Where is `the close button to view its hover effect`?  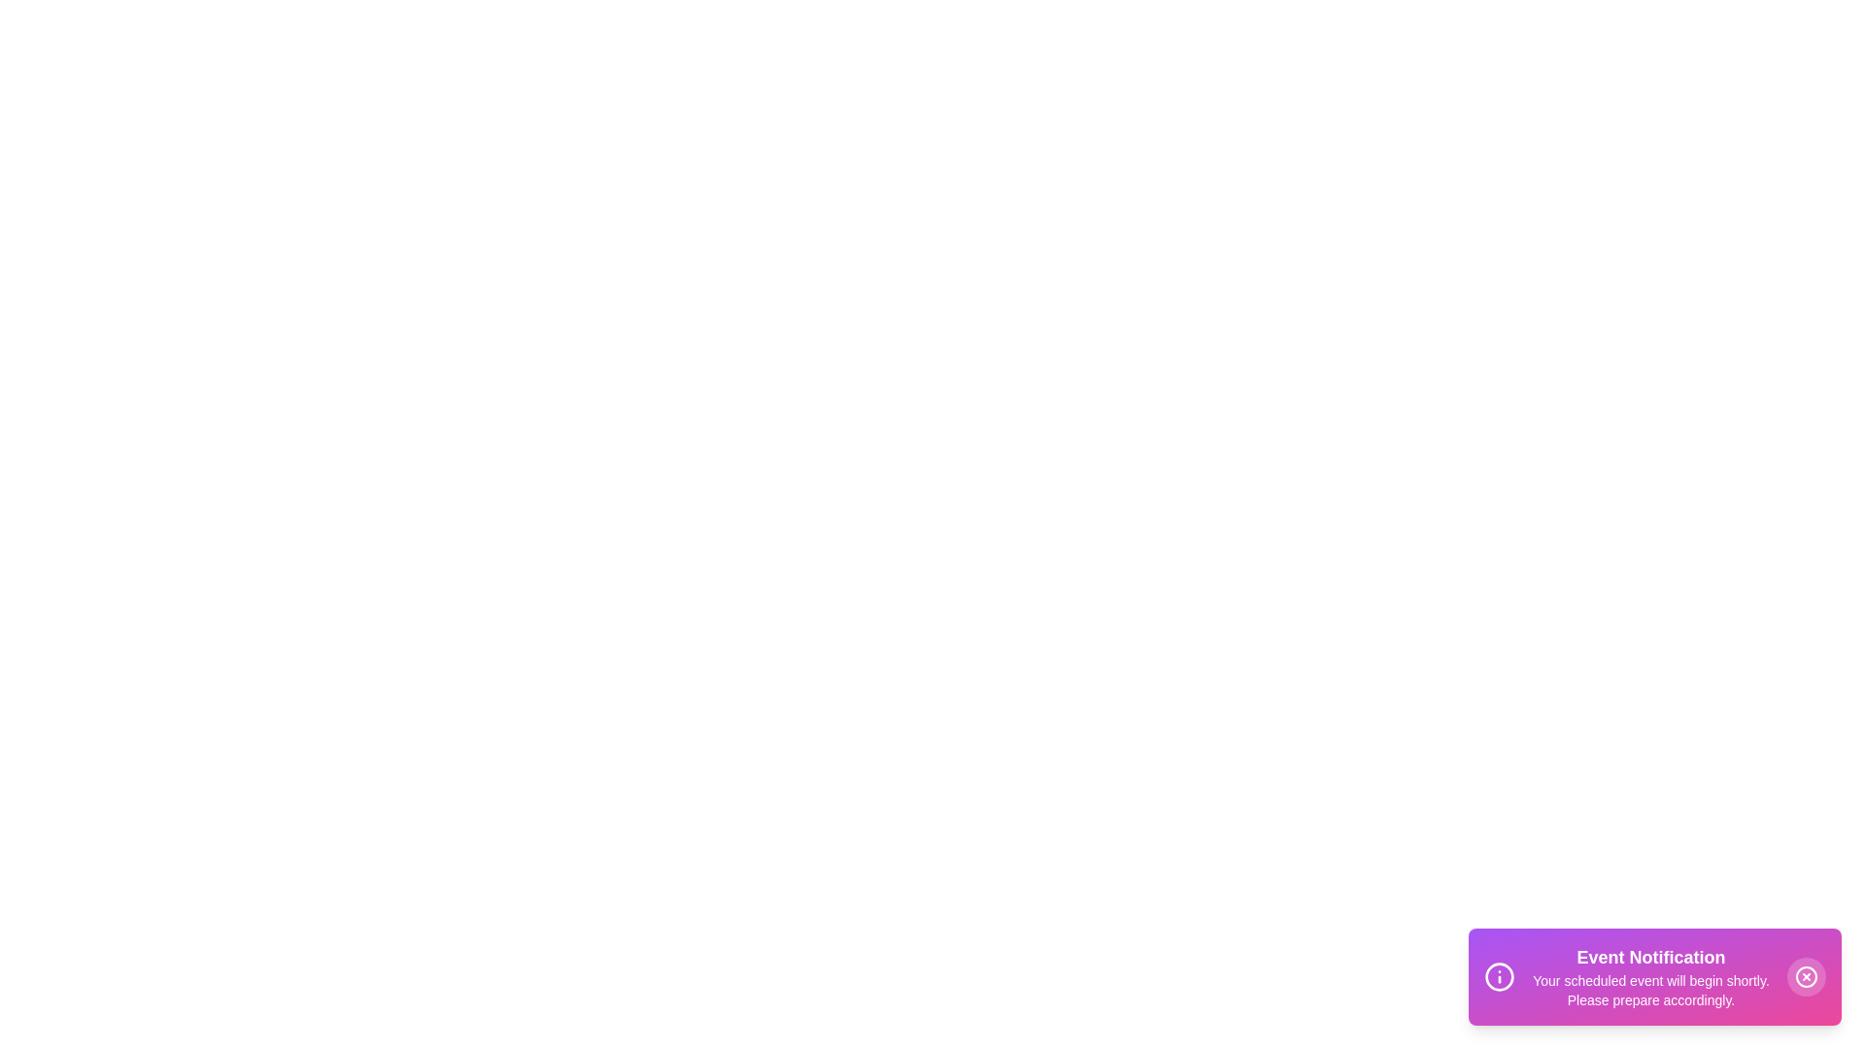 the close button to view its hover effect is located at coordinates (1806, 977).